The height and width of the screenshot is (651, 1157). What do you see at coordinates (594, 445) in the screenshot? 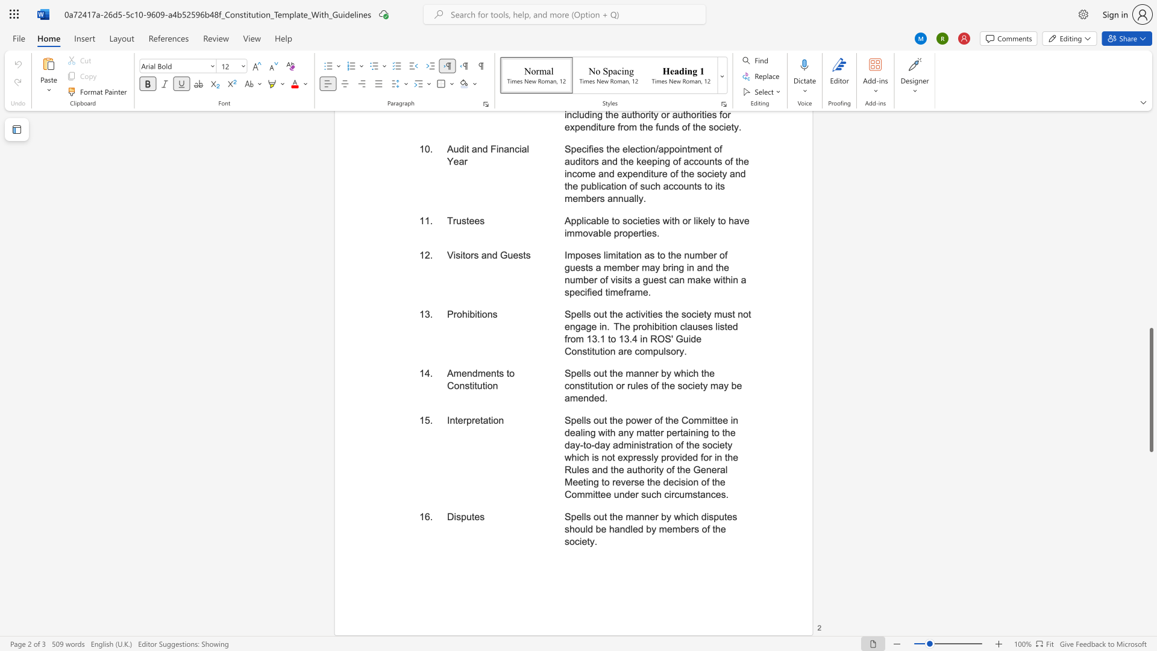
I see `the subset text "day administration of the society which is not expressly prov" within the text "Spells out the power of the Committee in dealing with any matter pertaining to the day-to-day administration of the society which is not expressly provided for in the Rules and the authority of the General Meeting to reverse the decision of the Committee under such circumstances."` at bounding box center [594, 445].